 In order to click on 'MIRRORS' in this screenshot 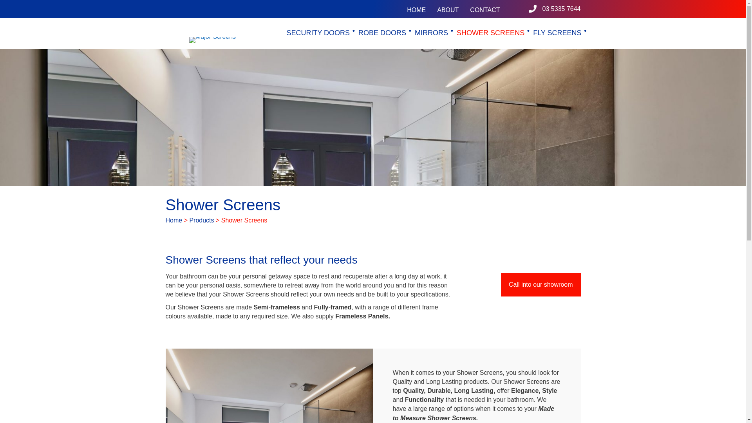, I will do `click(430, 32)`.